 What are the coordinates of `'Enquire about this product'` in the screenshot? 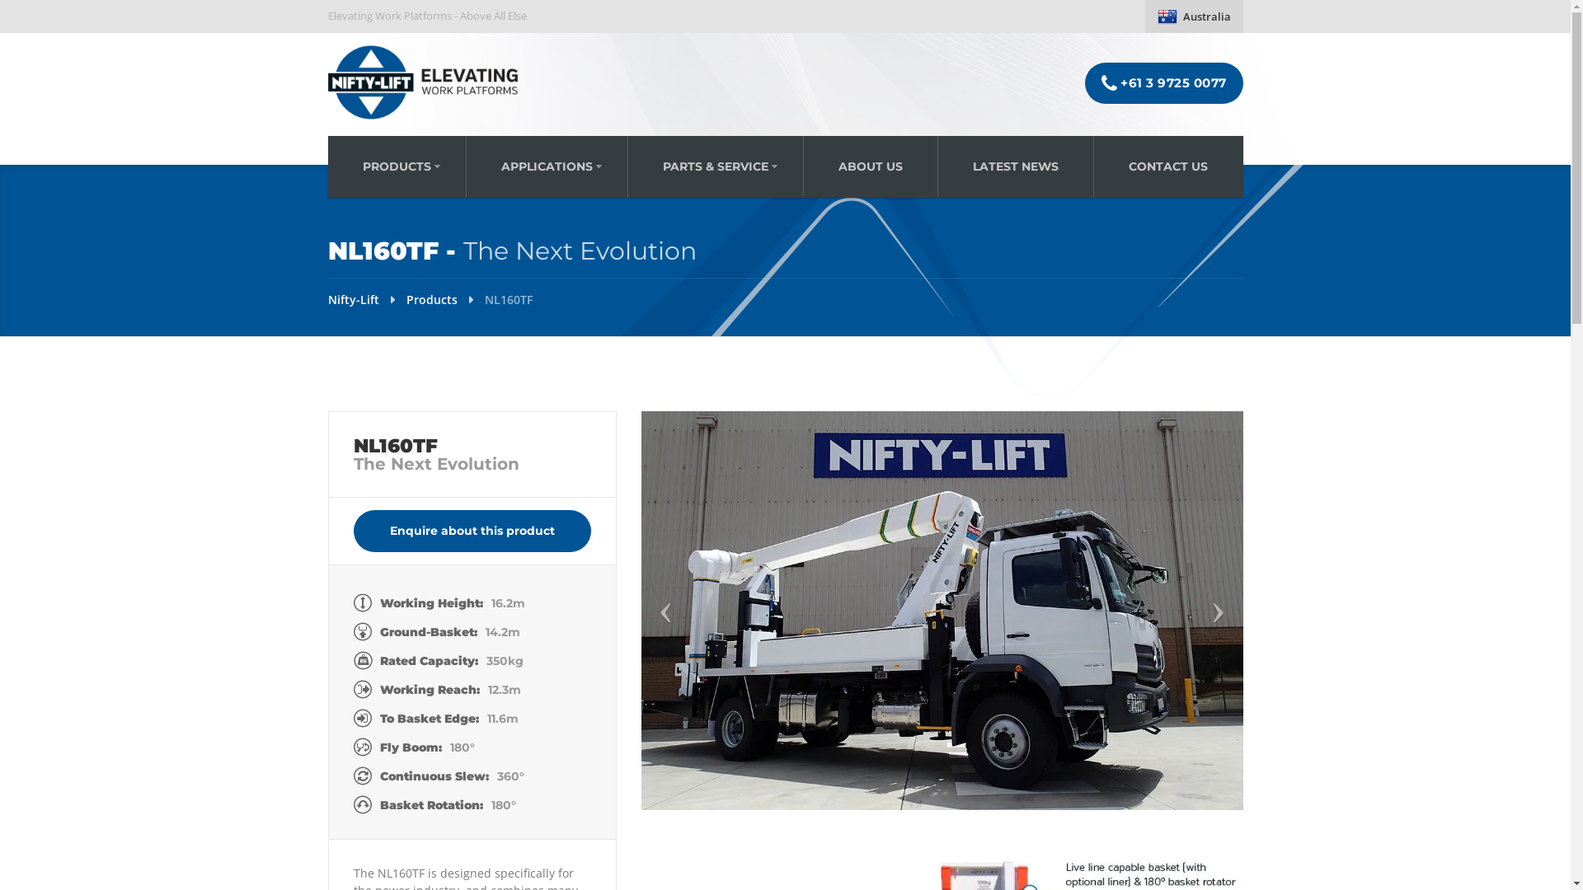 It's located at (470, 531).